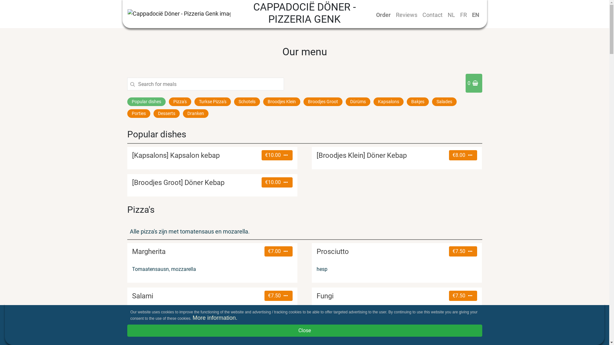 This screenshot has height=345, width=614. Describe the element at coordinates (469, 14) in the screenshot. I see `'EN'` at that location.